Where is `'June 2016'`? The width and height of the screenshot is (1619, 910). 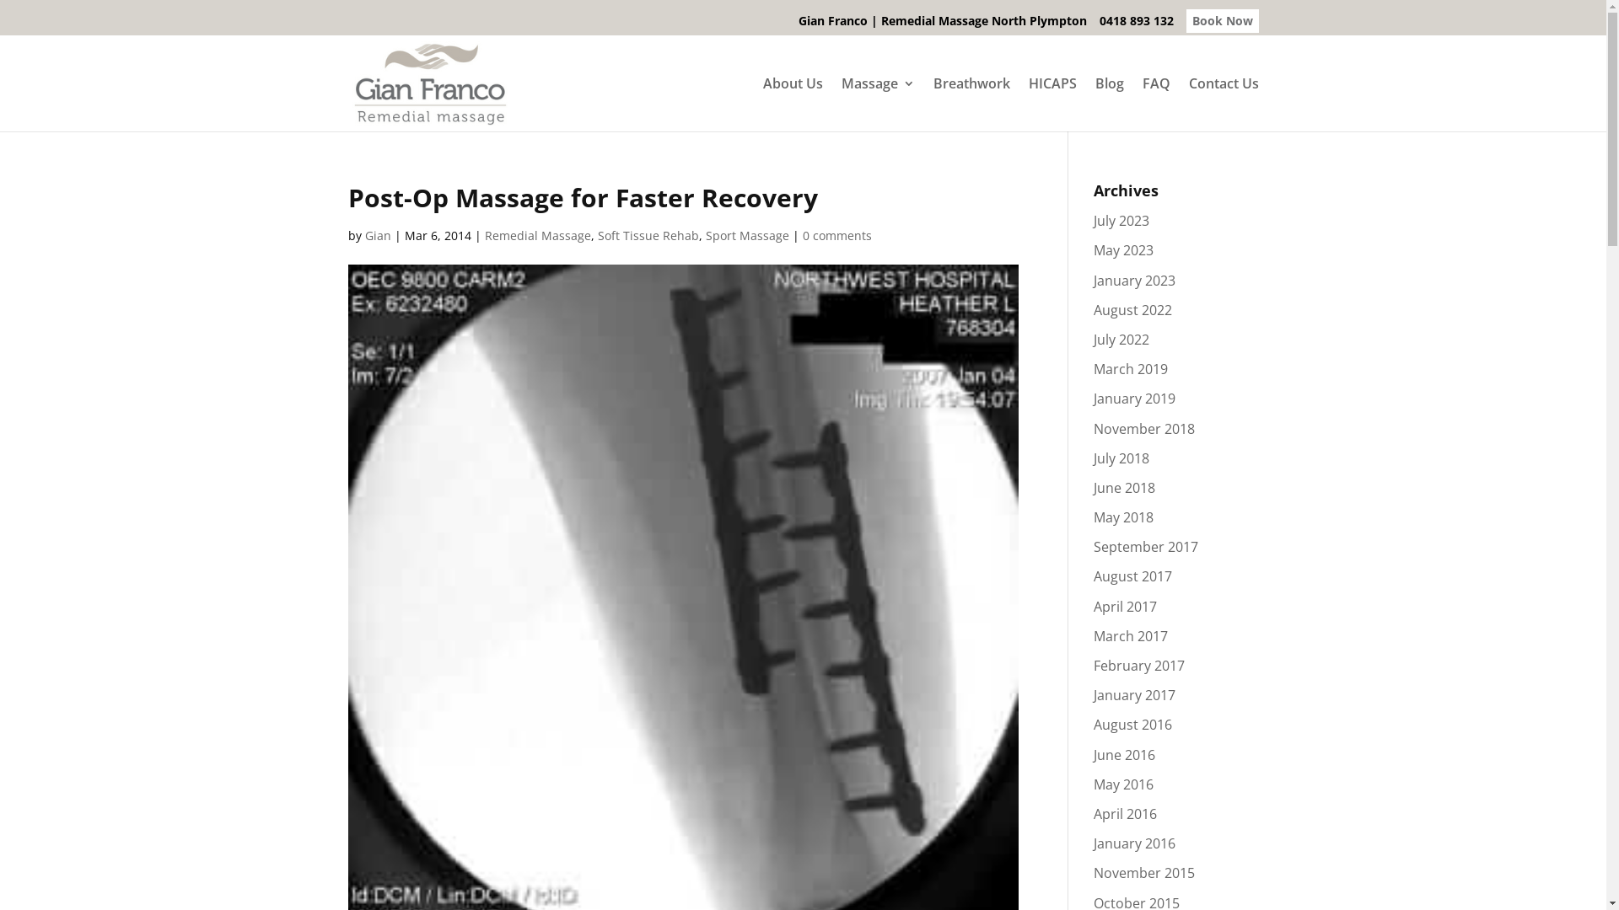 'June 2016' is located at coordinates (1124, 753).